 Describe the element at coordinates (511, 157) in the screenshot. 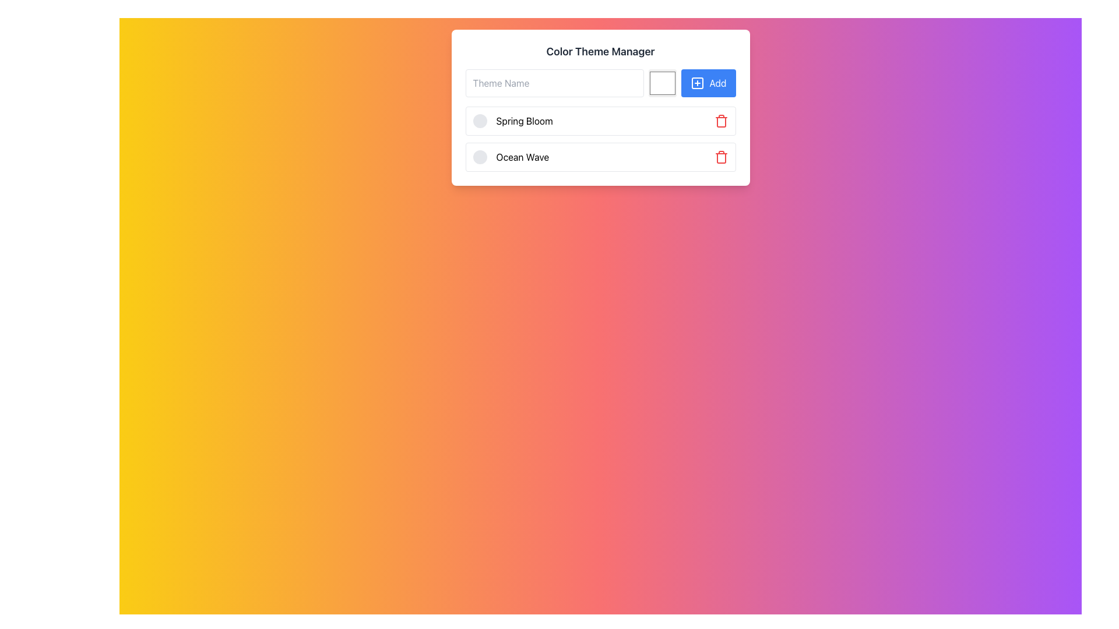

I see `the text 'Ocean Wave' in the second entry of the Selectable List Item within the 'Color Theme Manager' interface` at that location.